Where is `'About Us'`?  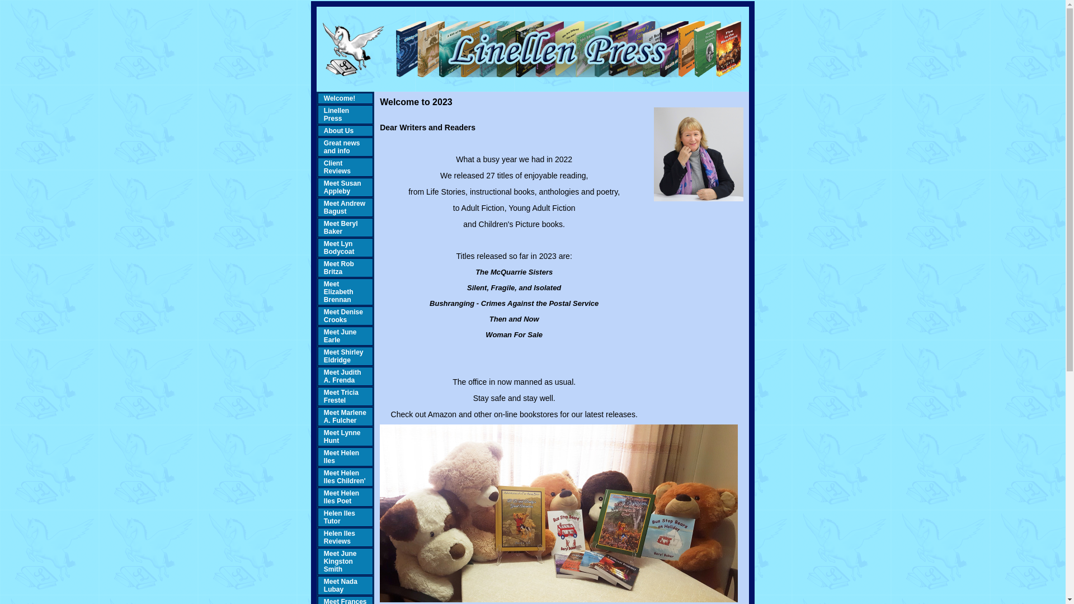
'About Us' is located at coordinates (323, 130).